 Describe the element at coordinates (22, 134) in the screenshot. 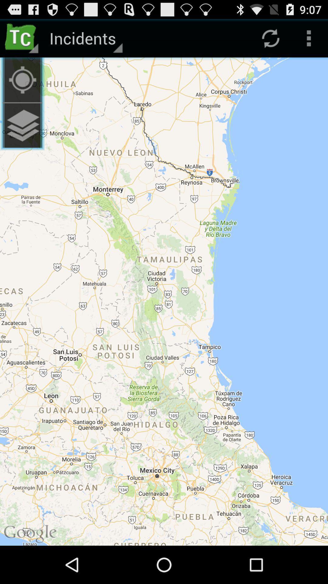

I see `the layers icon` at that location.